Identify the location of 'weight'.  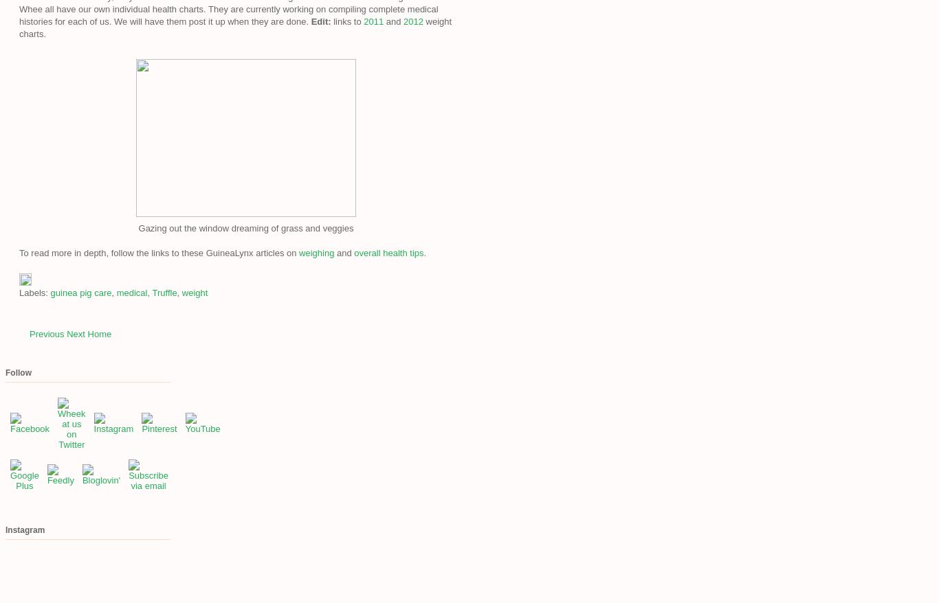
(195, 292).